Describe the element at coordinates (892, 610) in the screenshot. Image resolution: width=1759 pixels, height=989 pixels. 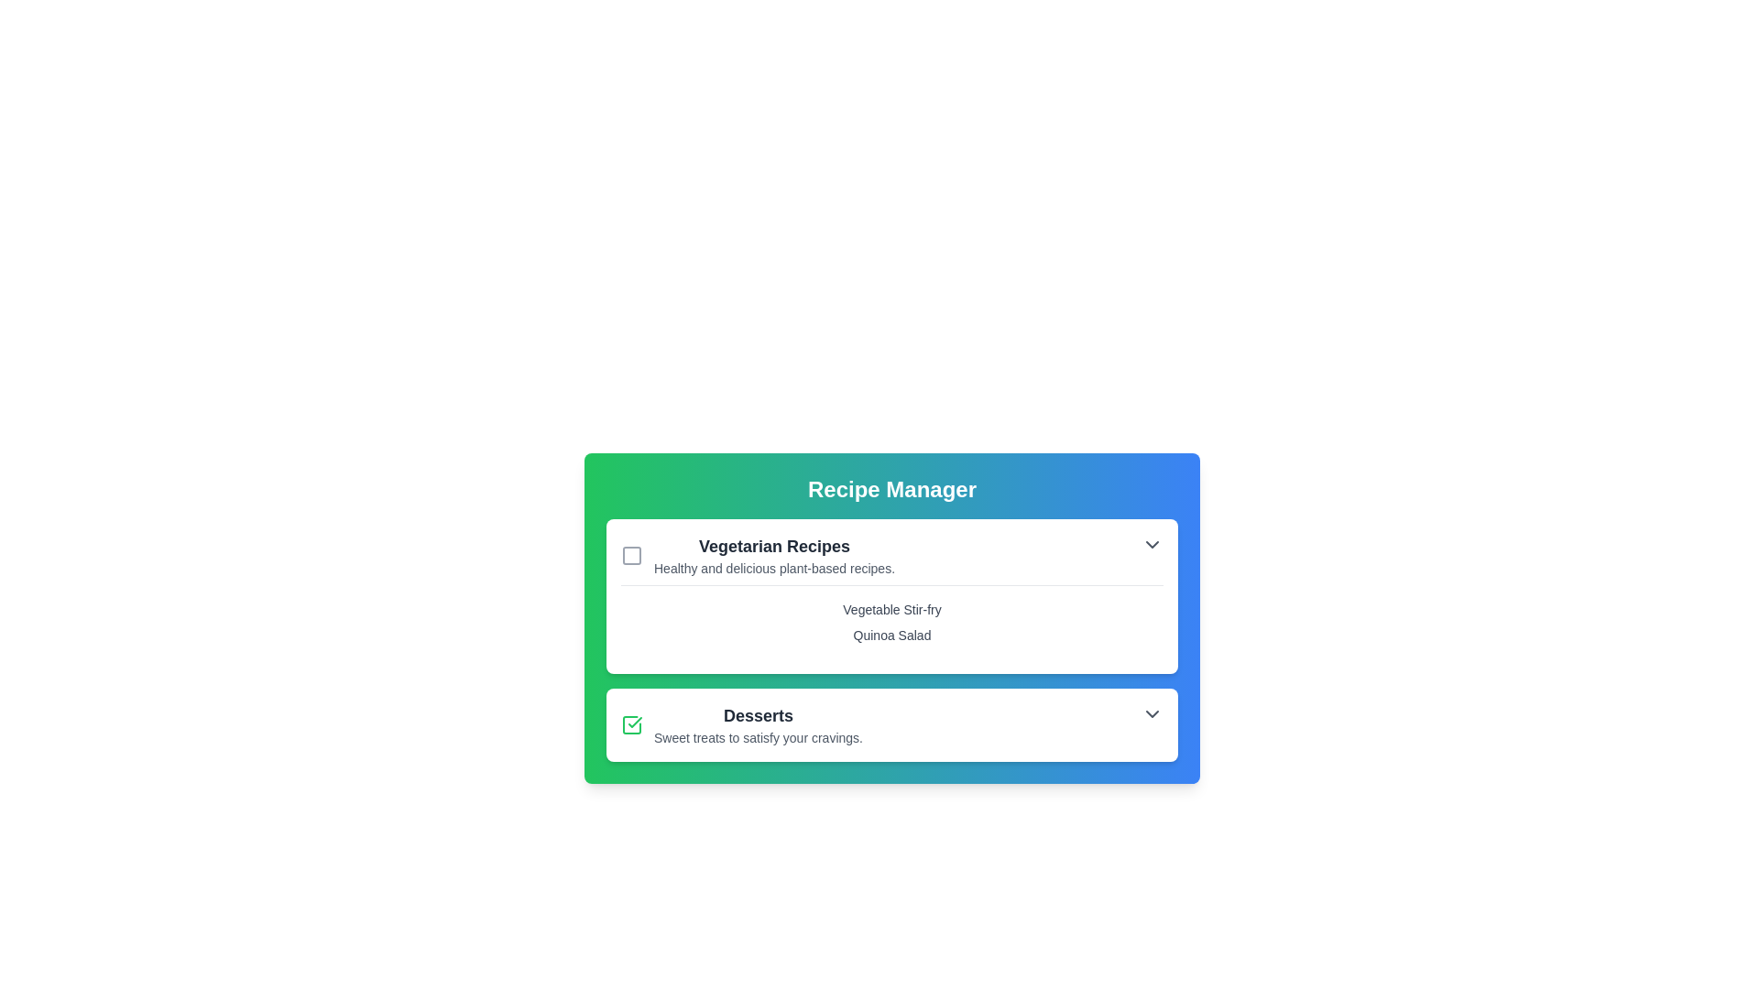
I see `the text label displaying 'Vegetable Stir-fry' which is located under the 'Vegetarian Recipes' title` at that location.